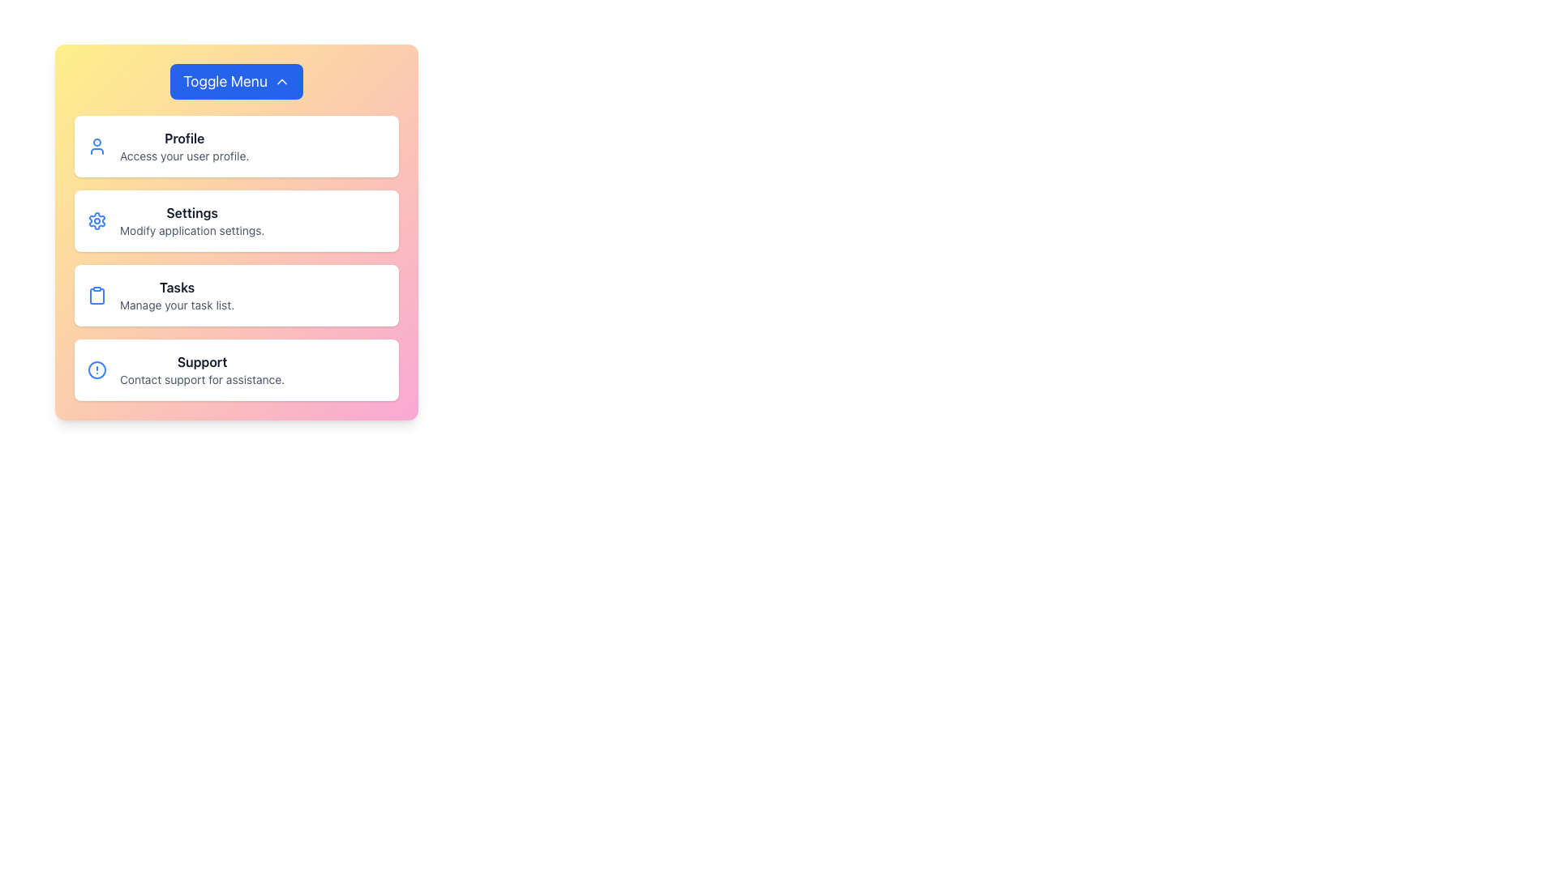 The image size is (1557, 875). What do you see at coordinates (236, 369) in the screenshot?
I see `the fourth informational card in the vertically stacked list of options to get more information about support contact` at bounding box center [236, 369].